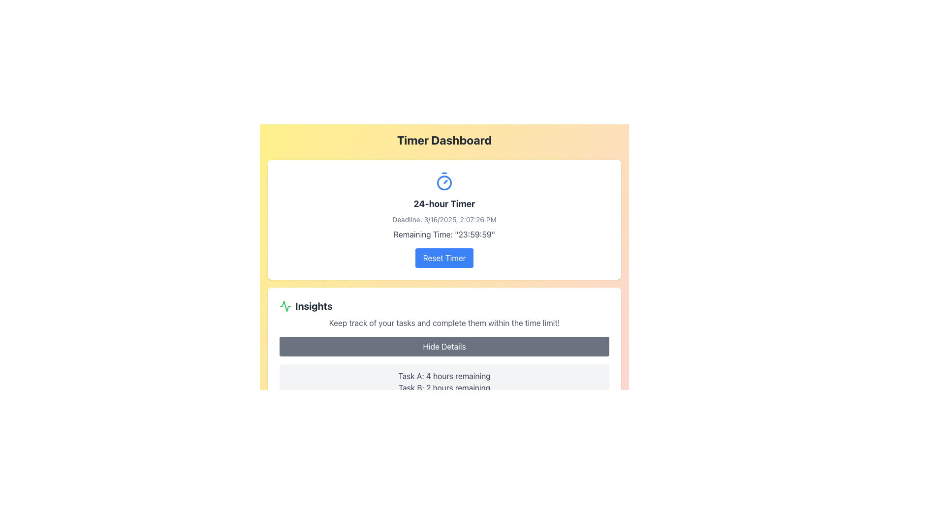  What do you see at coordinates (443, 323) in the screenshot?
I see `the static text that reads 'Keep track of your tasks and complete them within the time limit!', located below the 'Insights' heading and above the 'Hide Details' button in a white card element` at bounding box center [443, 323].